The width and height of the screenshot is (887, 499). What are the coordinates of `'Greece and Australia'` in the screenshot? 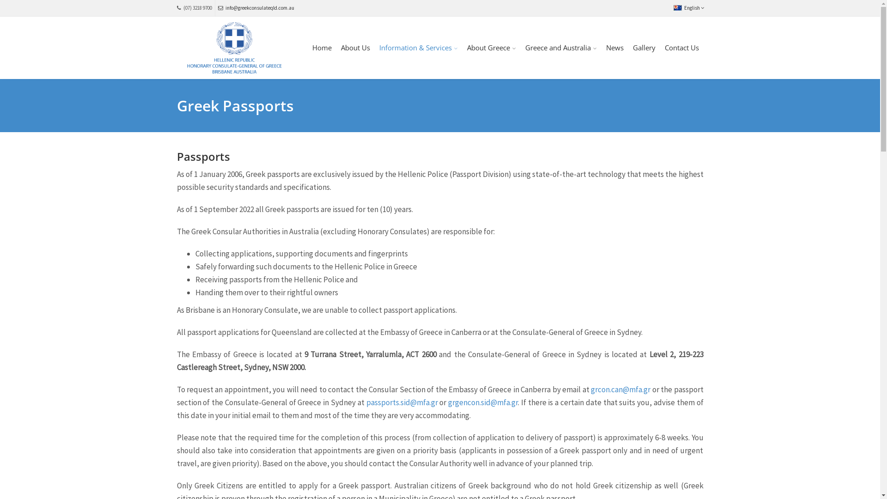 It's located at (520, 48).